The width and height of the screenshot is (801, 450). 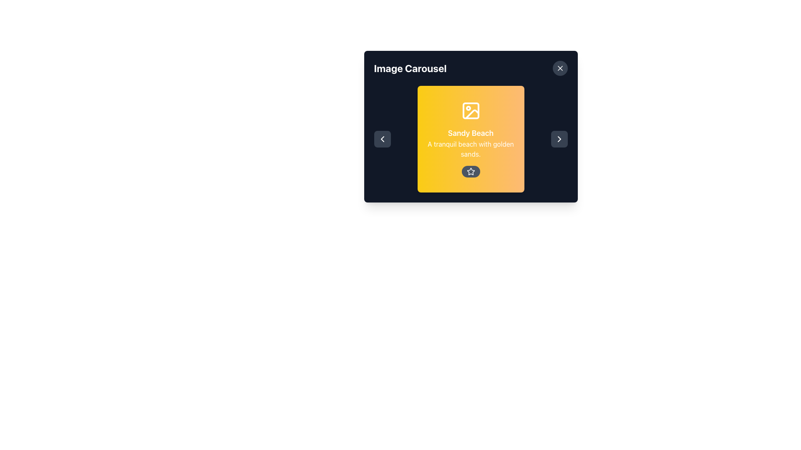 What do you see at coordinates (471, 139) in the screenshot?
I see `the informational card in the carousel that provides a title, description, and a decorative icon representing a beach location` at bounding box center [471, 139].